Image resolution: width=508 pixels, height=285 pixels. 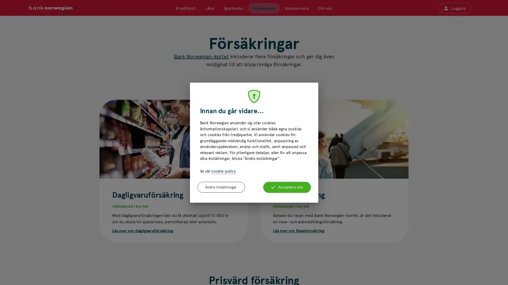 I want to click on Om oss, so click(x=324, y=8).